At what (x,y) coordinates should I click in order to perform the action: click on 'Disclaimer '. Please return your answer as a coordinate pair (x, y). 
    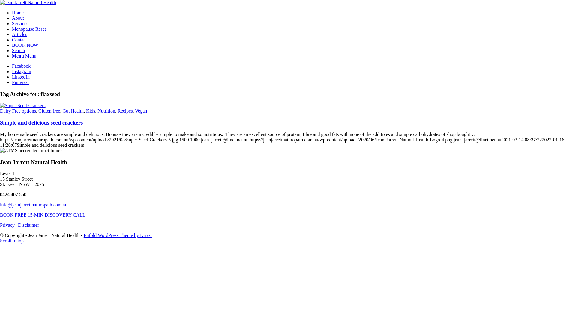
    Looking at the image, I should click on (28, 225).